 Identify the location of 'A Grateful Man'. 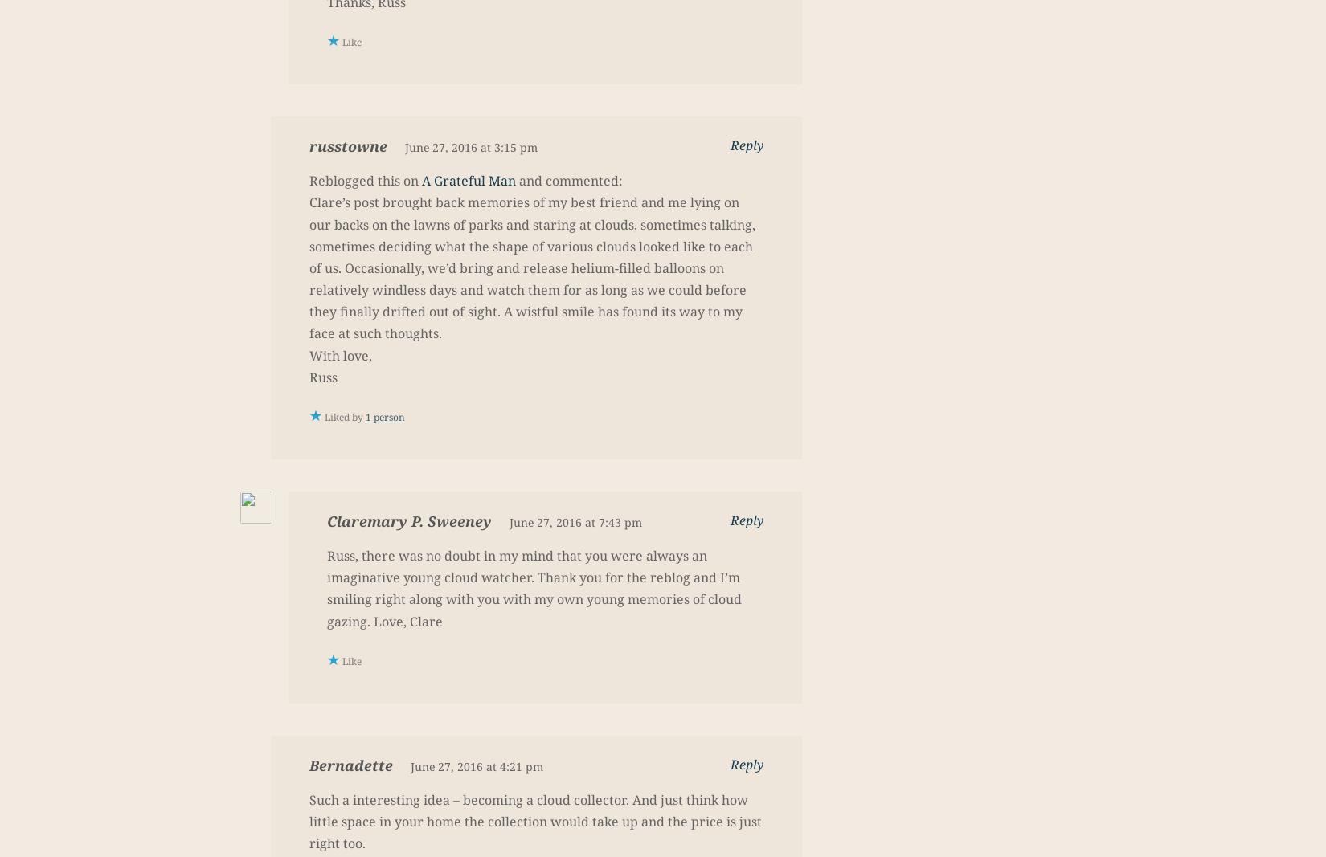
(468, 181).